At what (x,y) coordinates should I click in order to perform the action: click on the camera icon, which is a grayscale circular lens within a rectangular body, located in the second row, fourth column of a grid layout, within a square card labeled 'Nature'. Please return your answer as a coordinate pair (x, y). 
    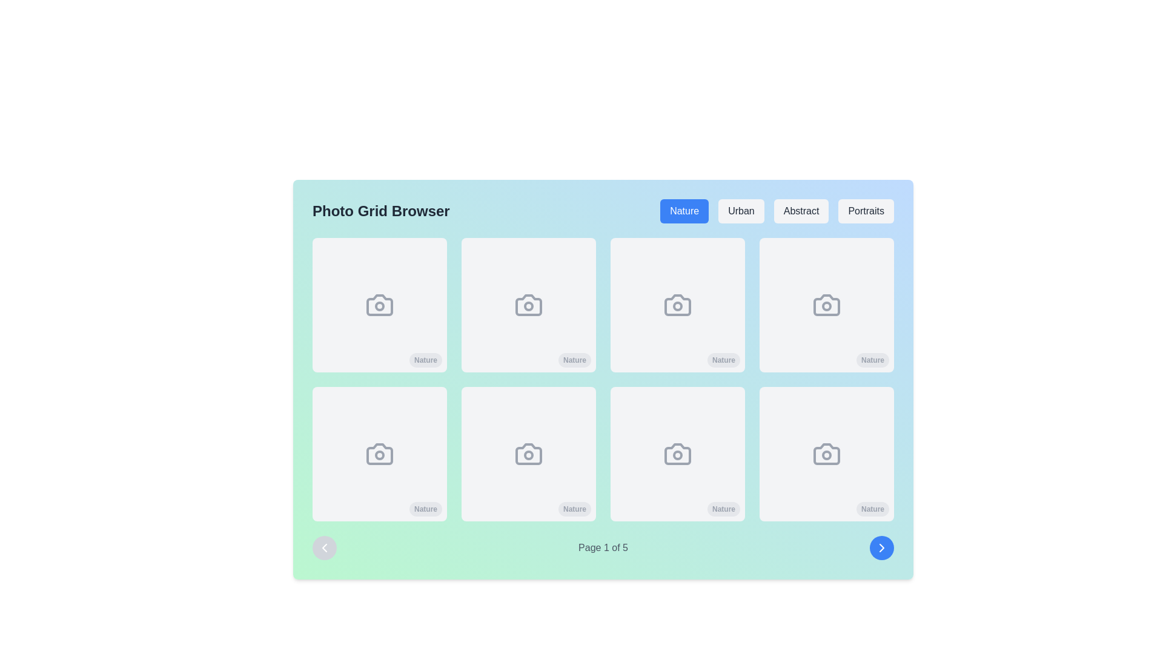
    Looking at the image, I should click on (677, 454).